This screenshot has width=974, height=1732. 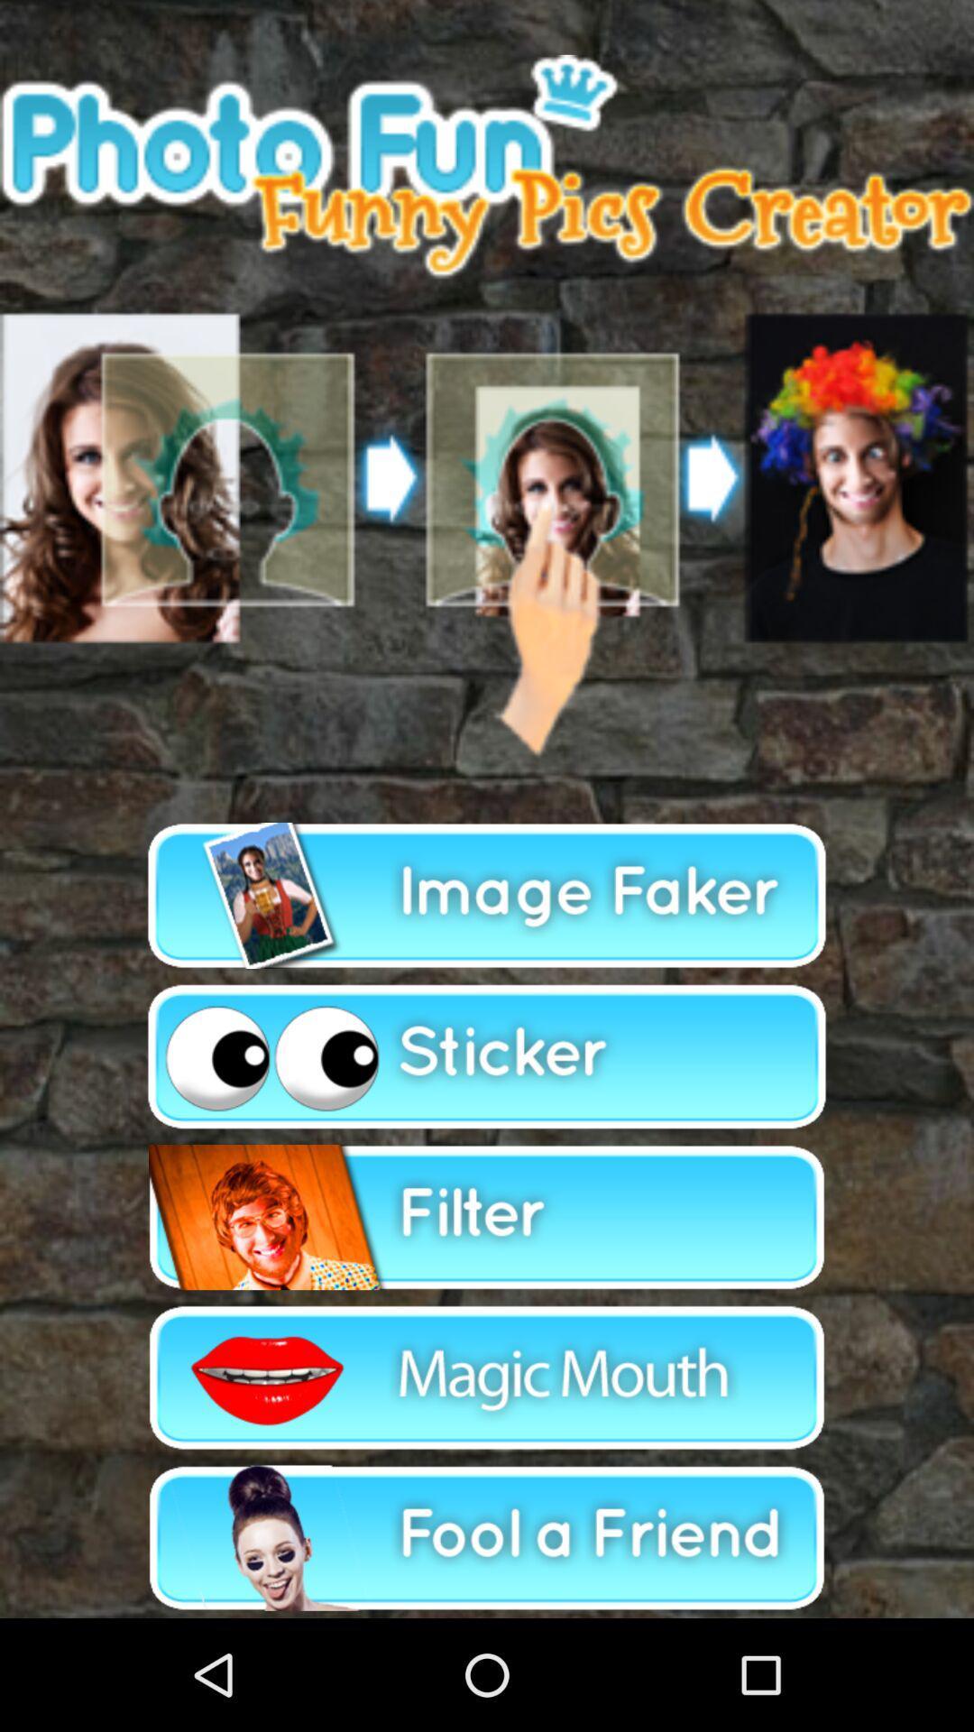 I want to click on image faker button, so click(x=487, y=896).